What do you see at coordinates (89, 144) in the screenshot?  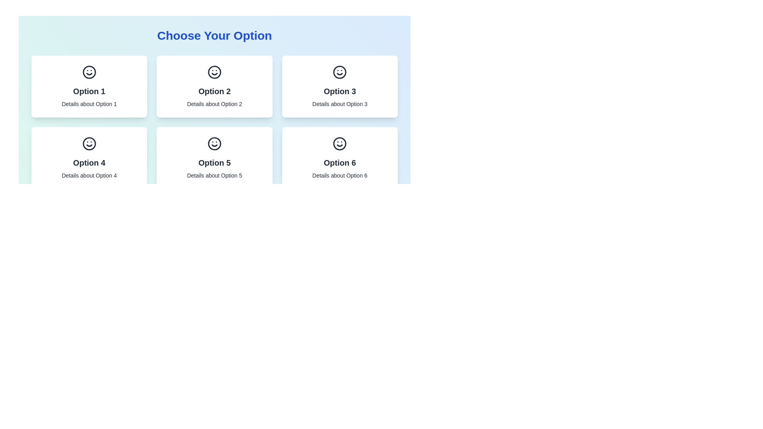 I see `the decorative icon in the 'Option 4' card, located in the lower left quadrant of the grid layout, specifically in the second row and first column` at bounding box center [89, 144].